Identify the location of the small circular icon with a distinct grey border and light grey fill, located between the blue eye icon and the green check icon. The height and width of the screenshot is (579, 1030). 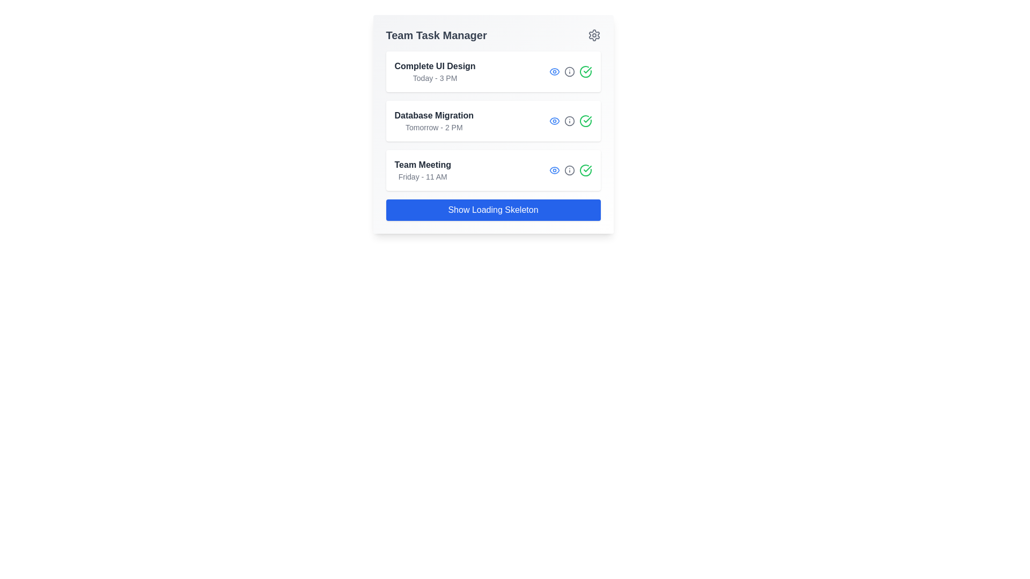
(570, 72).